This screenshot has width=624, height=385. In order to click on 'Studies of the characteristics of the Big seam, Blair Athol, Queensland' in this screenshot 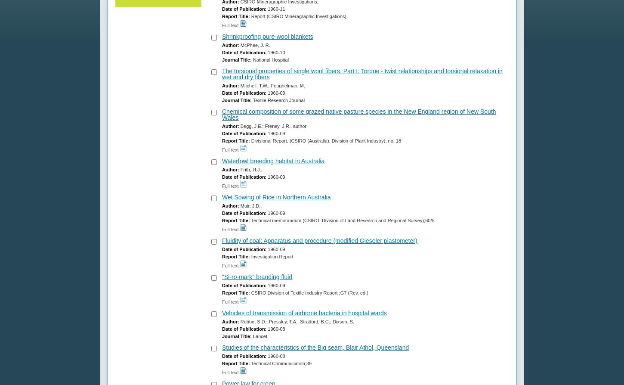, I will do `click(315, 347)`.